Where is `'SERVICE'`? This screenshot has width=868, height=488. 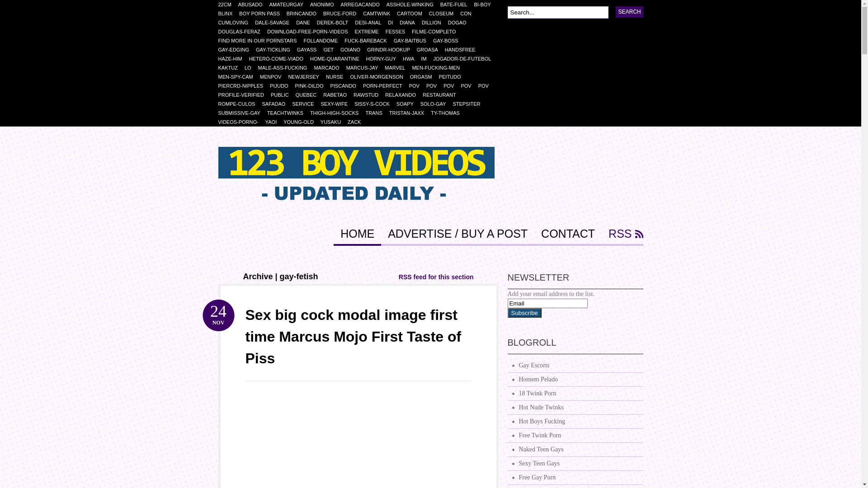
'SERVICE' is located at coordinates (292, 103).